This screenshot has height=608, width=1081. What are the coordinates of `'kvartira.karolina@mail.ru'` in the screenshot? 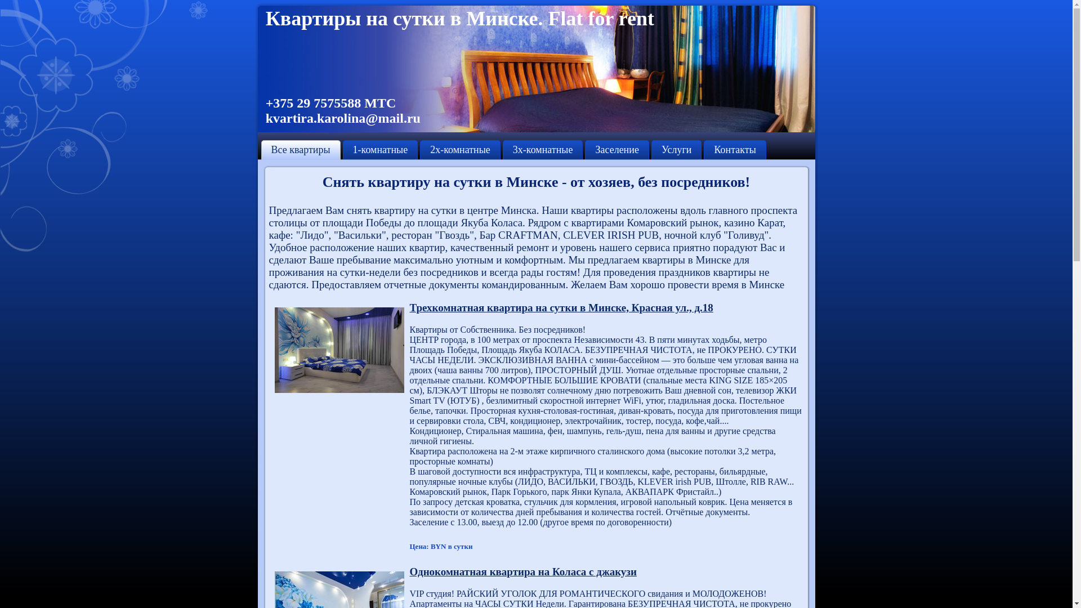 It's located at (265, 118).